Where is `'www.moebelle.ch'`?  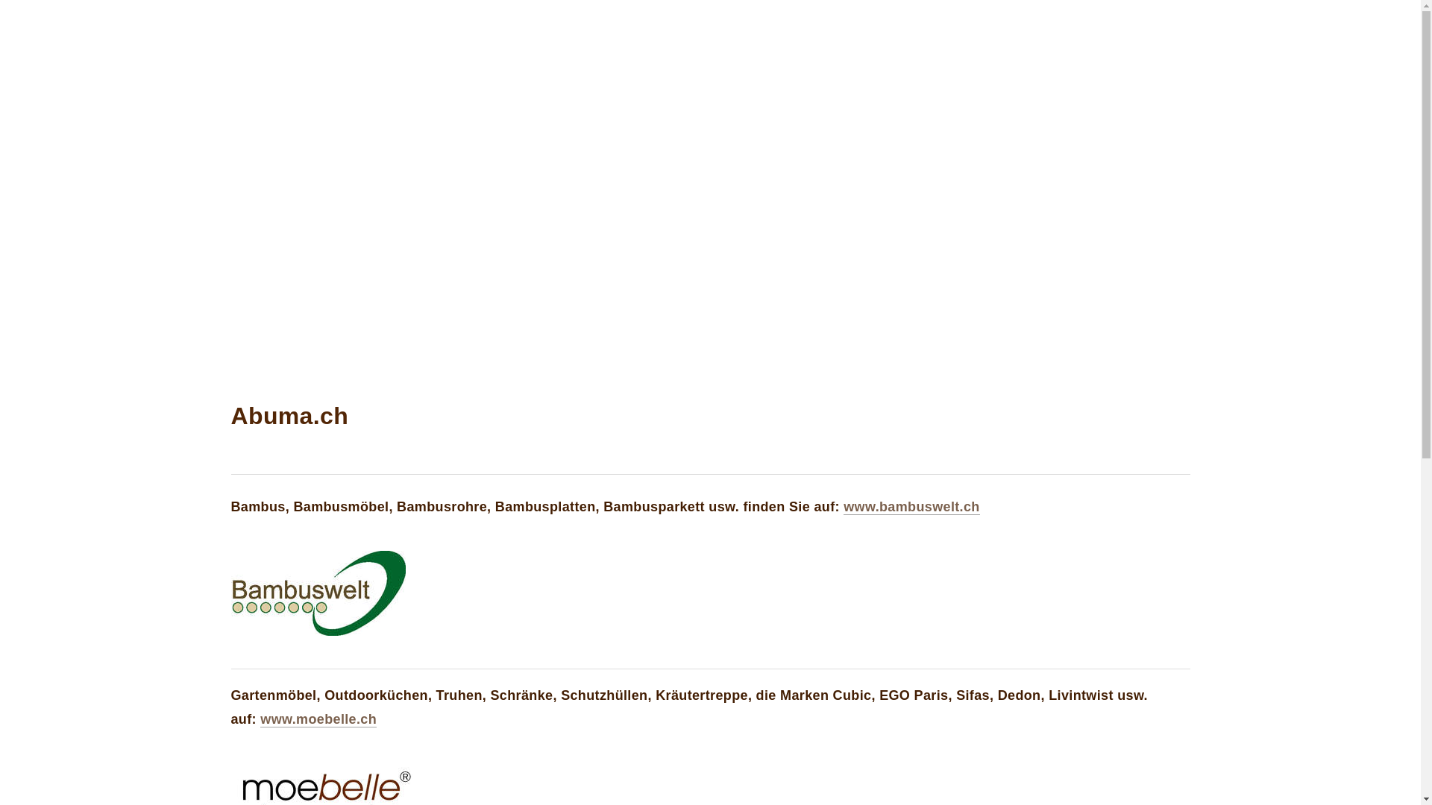
'www.moebelle.ch' is located at coordinates (318, 718).